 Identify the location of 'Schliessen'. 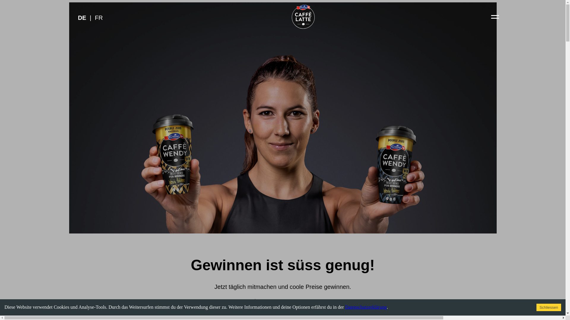
(548, 307).